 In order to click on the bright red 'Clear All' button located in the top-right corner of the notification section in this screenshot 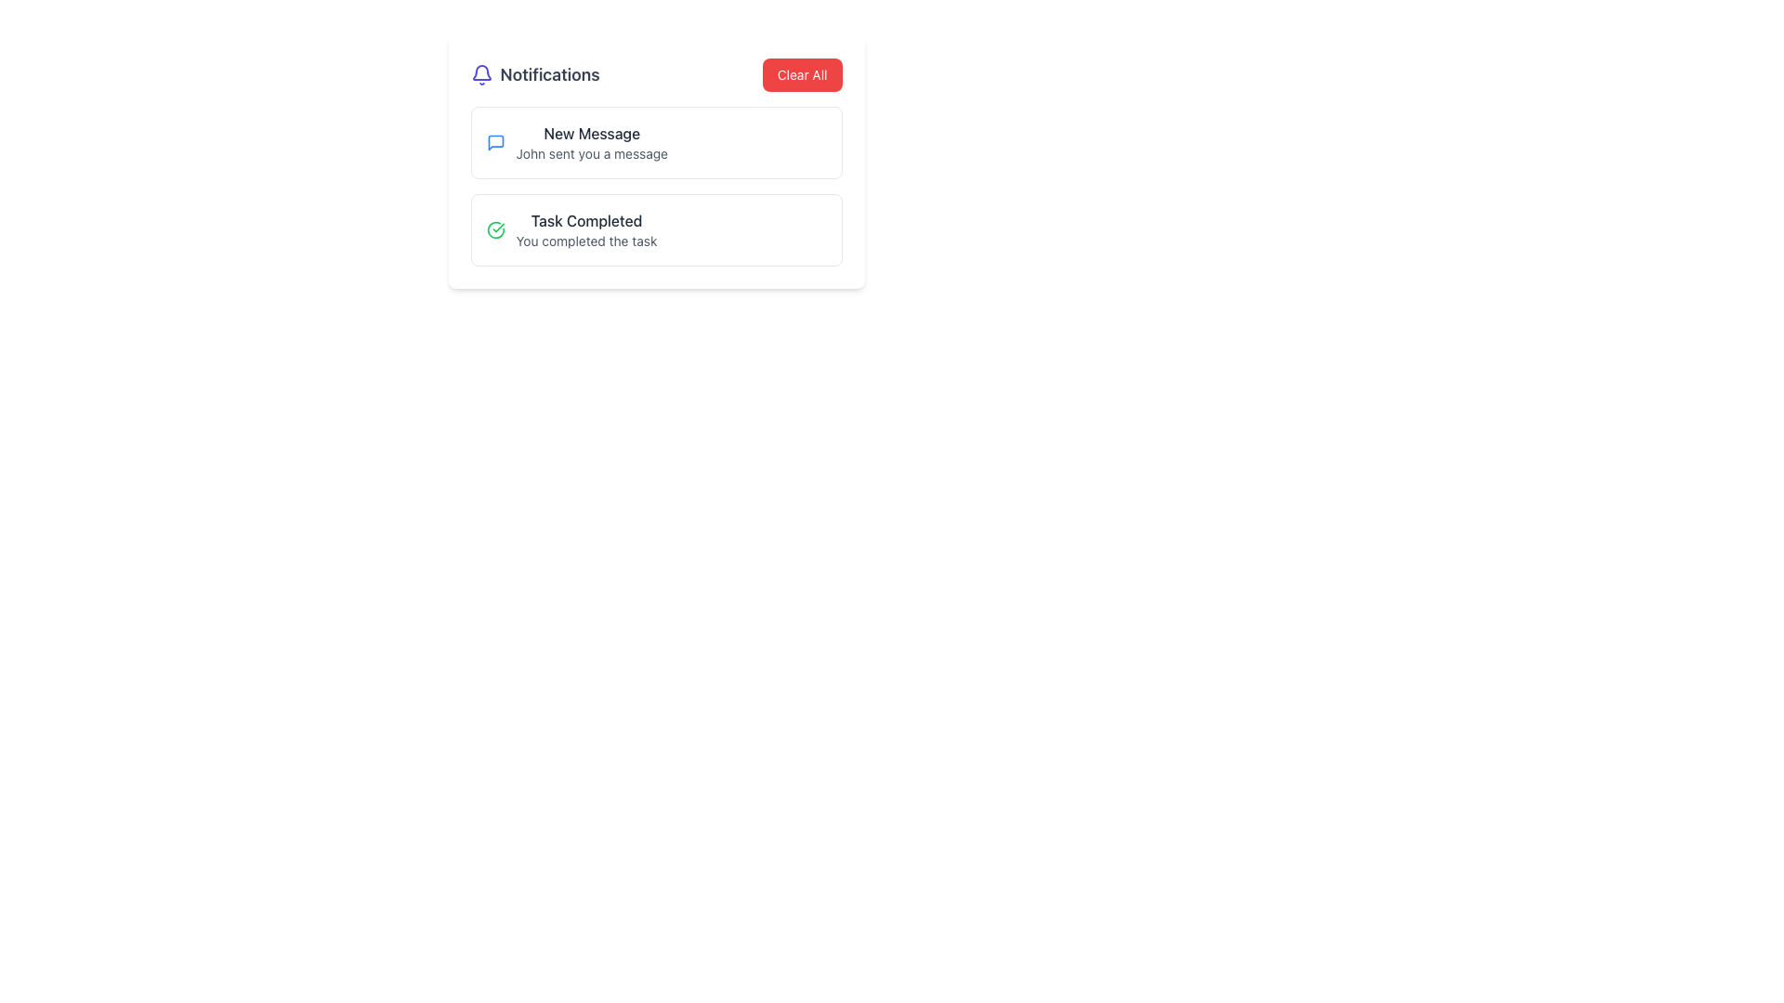, I will do `click(802, 74)`.